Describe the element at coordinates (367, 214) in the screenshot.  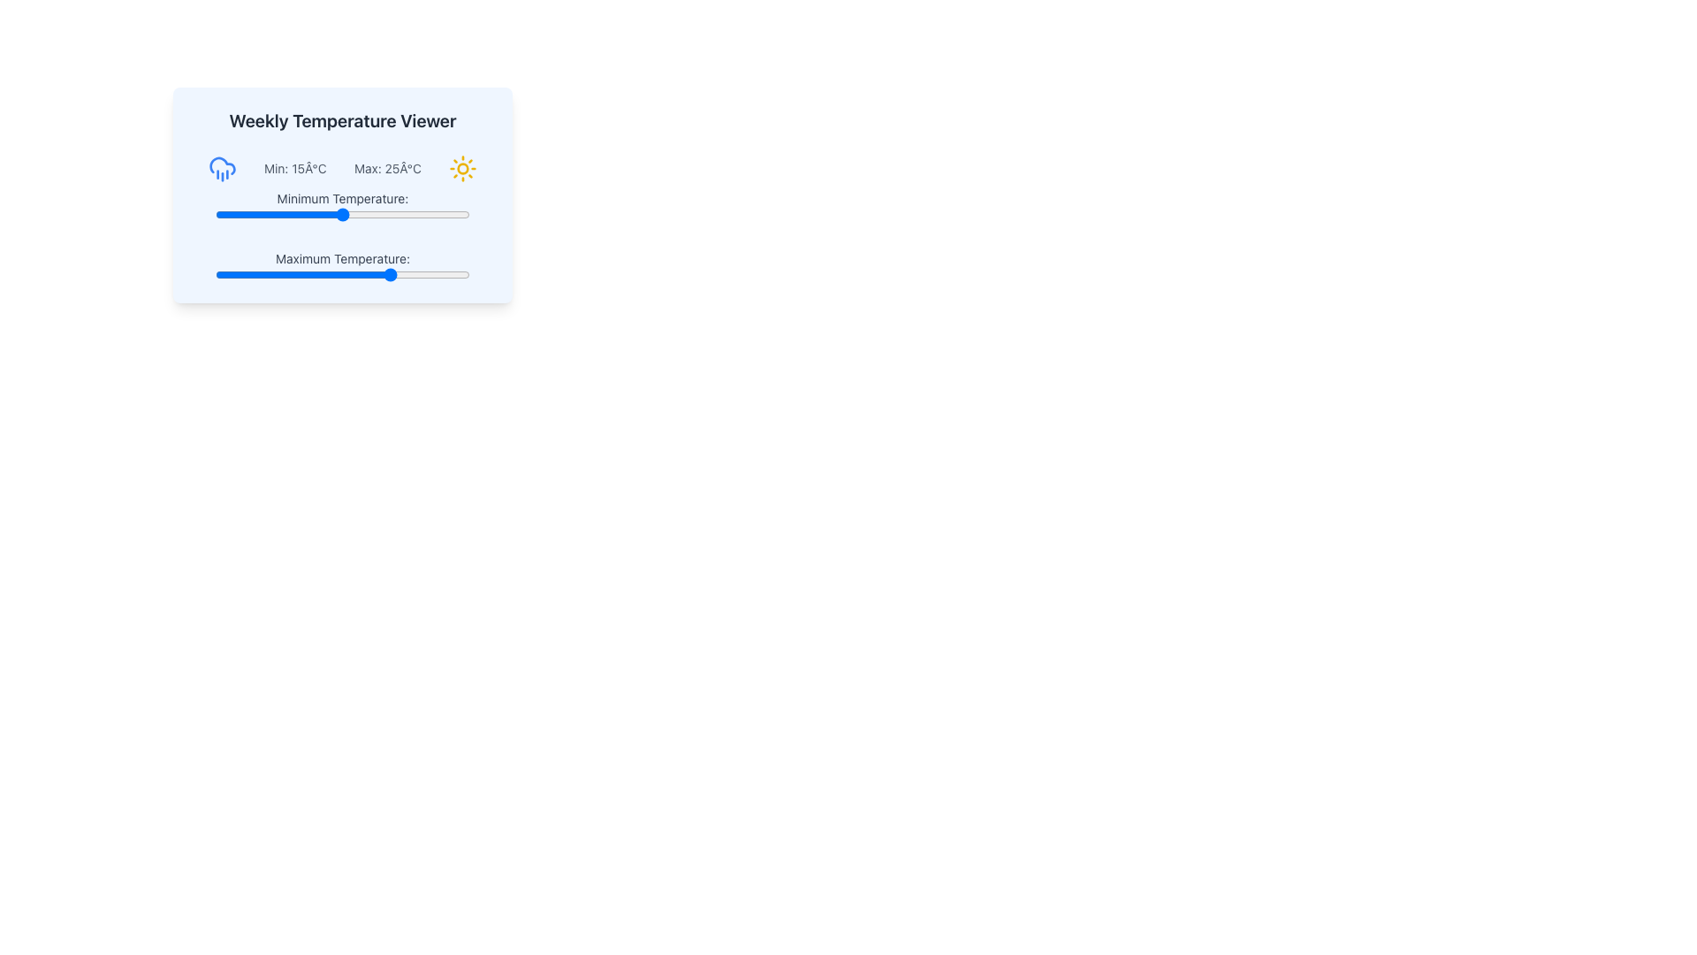
I see `the minimum temperature` at that location.